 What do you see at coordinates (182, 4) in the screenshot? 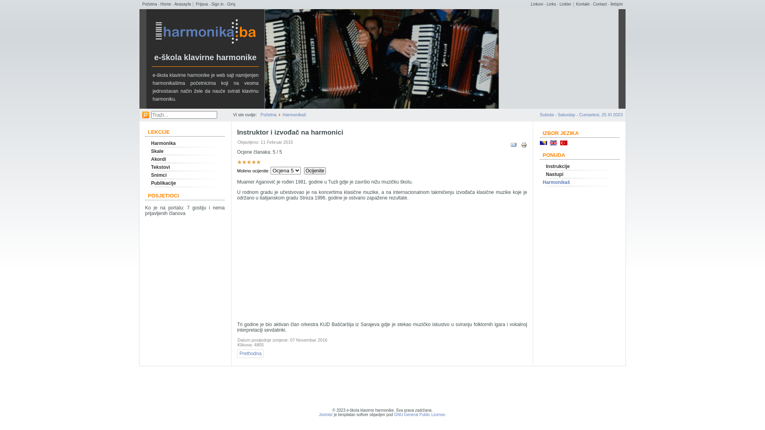
I see `'Anasayfa'` at bounding box center [182, 4].